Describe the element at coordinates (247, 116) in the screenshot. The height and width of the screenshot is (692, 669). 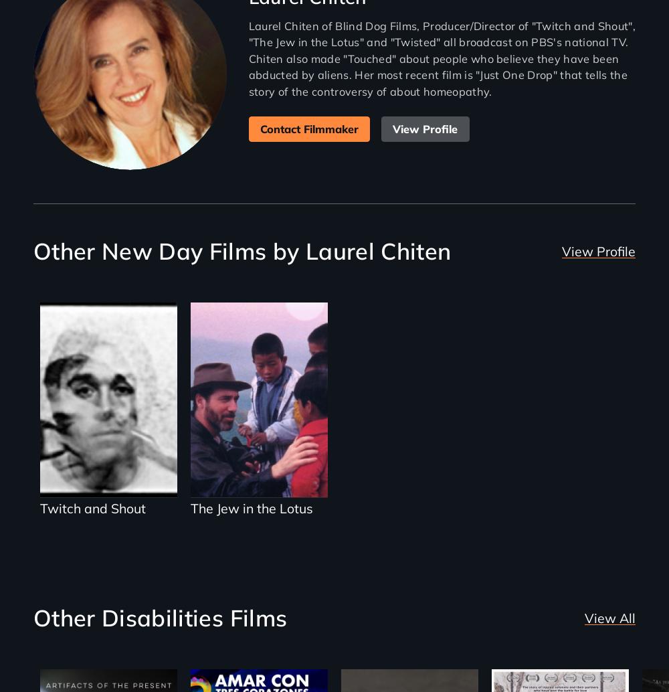
I see `'The remarkable thing about Chiten's documentary is the vibrant tenderness and great good humor with which she introduces us to the lives of these extradorinarily ordinary people who endure incessant misunderstanding.'` at that location.